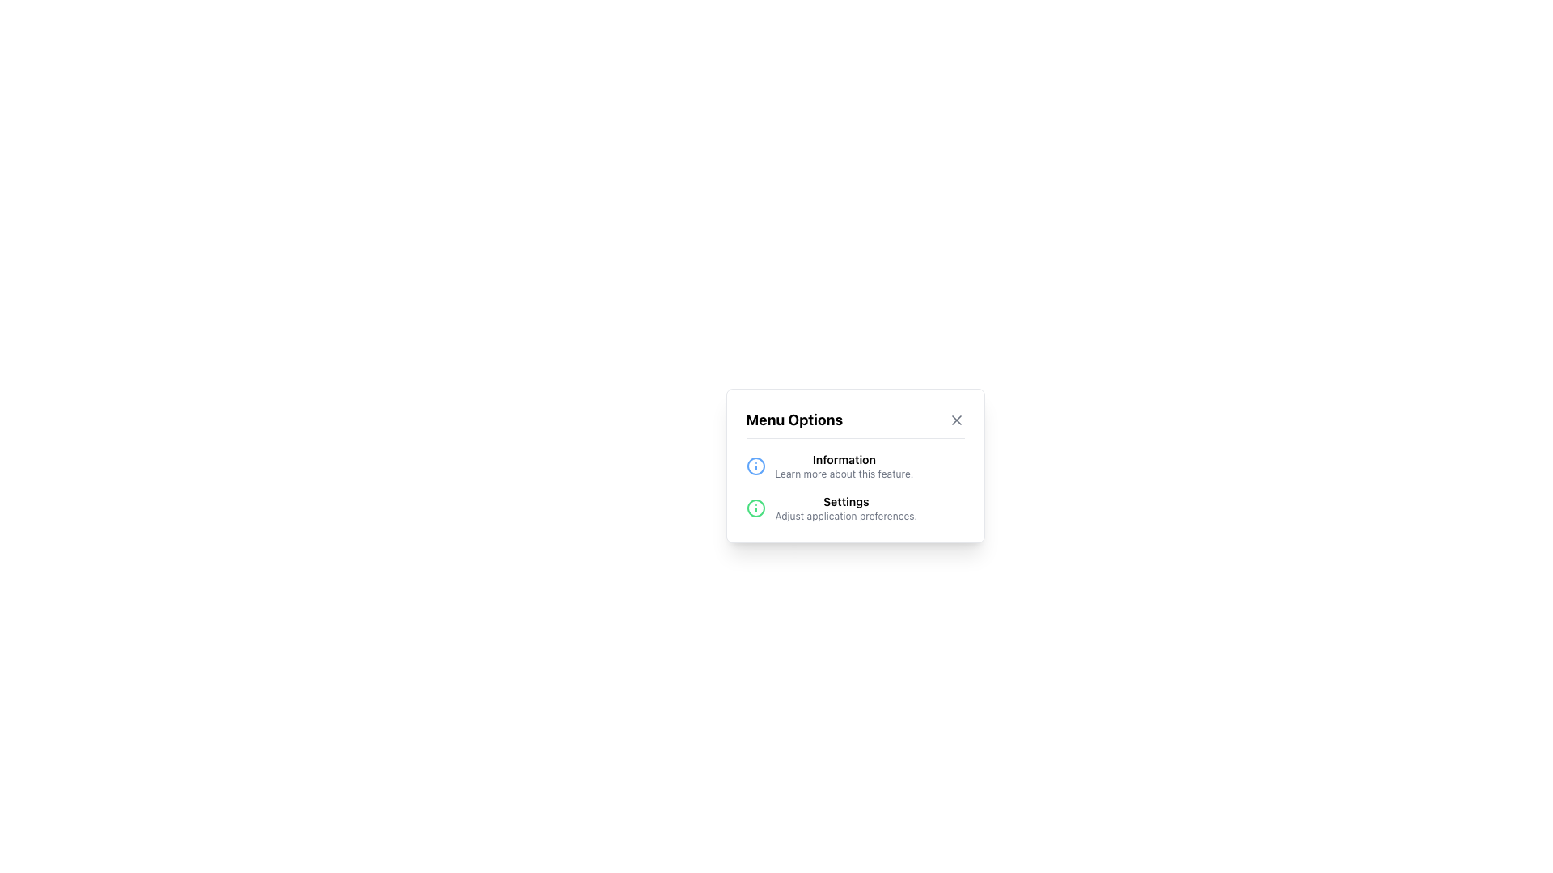 Image resolution: width=1553 pixels, height=873 pixels. What do you see at coordinates (755, 466) in the screenshot?
I see `the circular information icon with a blue color scheme located in the menu section adjacent to the text 'Information'` at bounding box center [755, 466].